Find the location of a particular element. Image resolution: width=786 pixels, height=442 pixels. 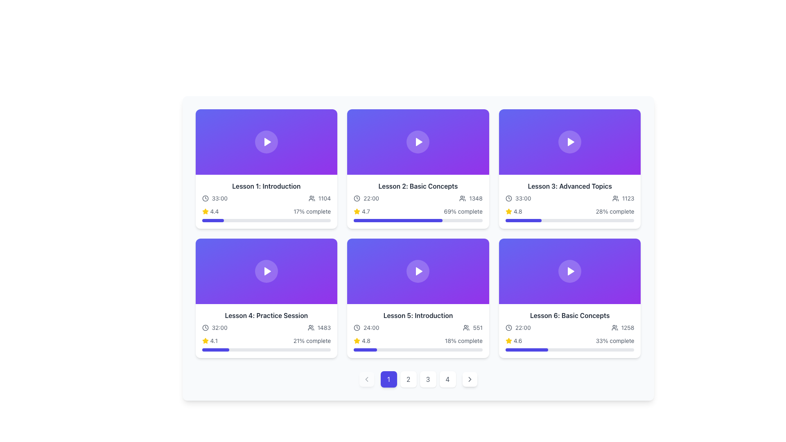

the play button located at the center of the first card in the top row of a grid layout is located at coordinates (266, 142).